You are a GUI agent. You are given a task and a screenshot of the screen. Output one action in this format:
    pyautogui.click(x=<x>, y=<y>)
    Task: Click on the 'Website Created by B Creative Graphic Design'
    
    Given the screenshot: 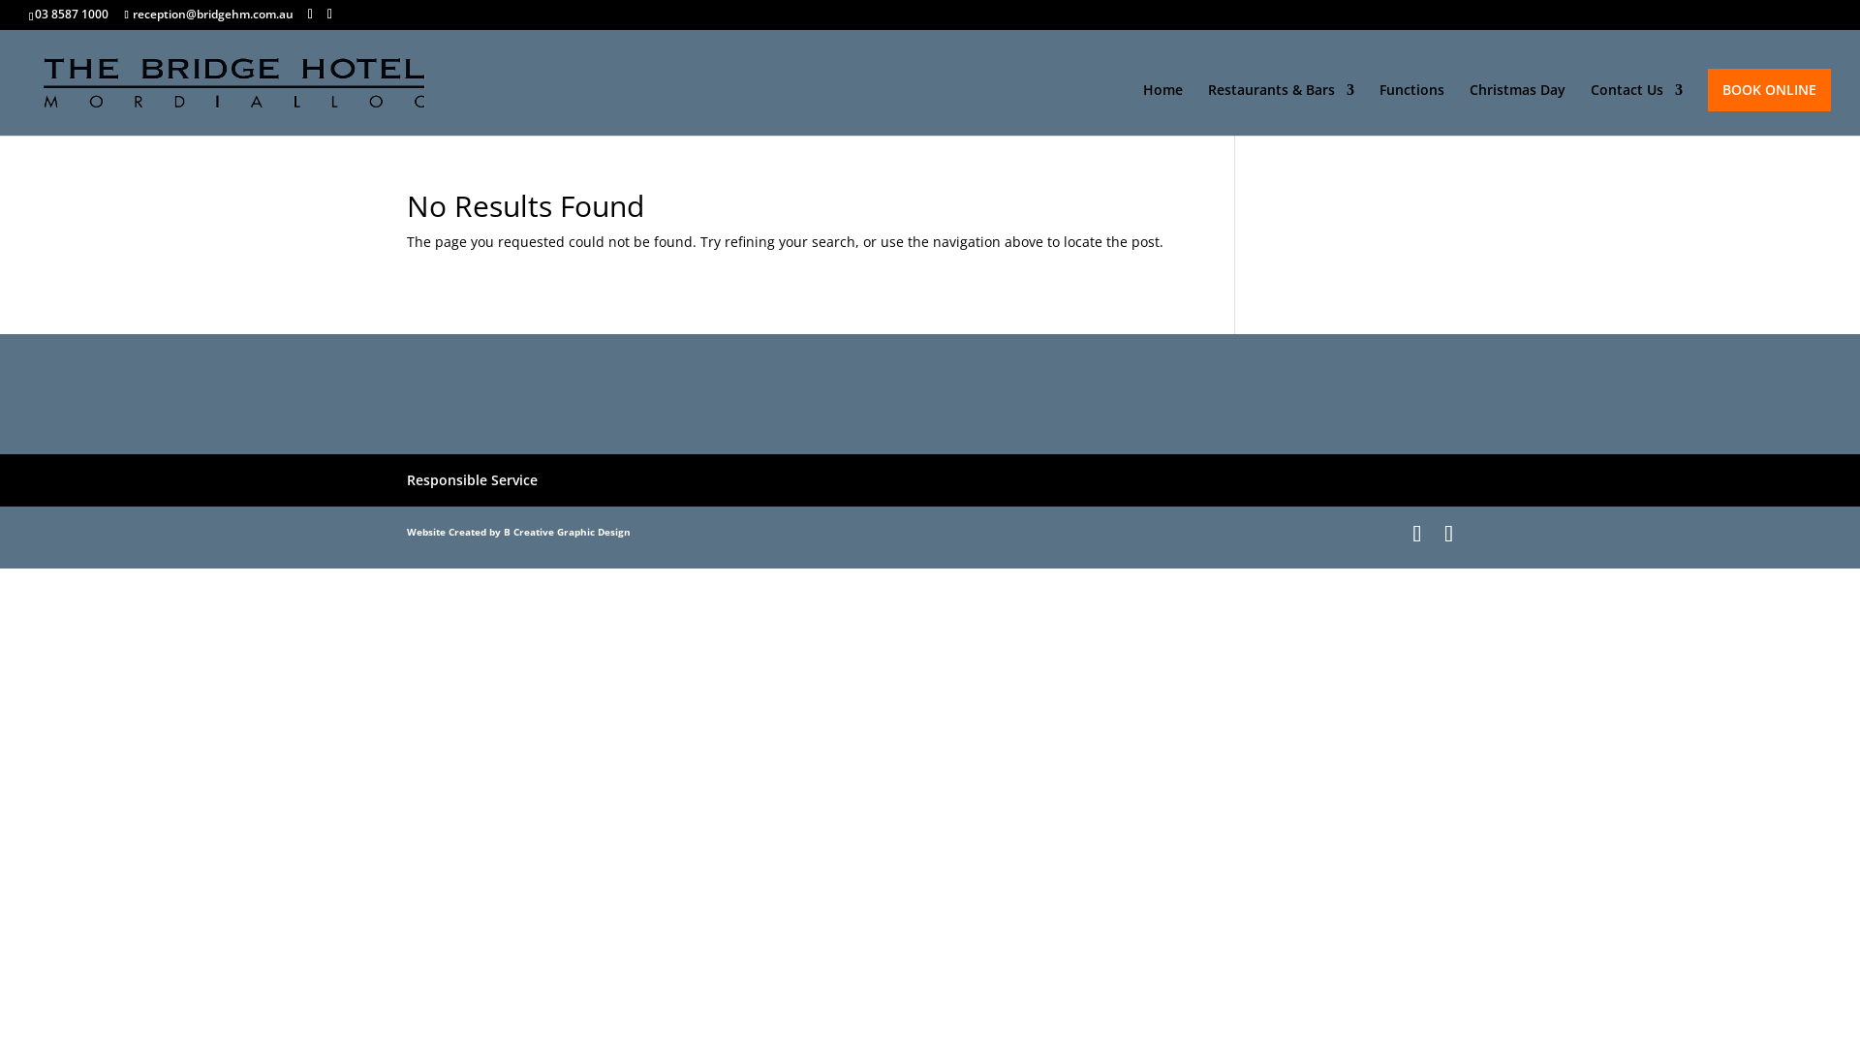 What is the action you would take?
    pyautogui.click(x=518, y=531)
    